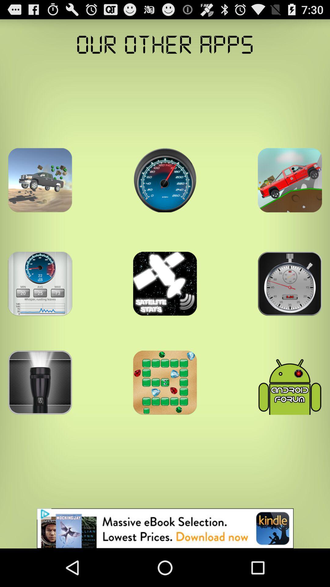 This screenshot has height=587, width=330. I want to click on select, so click(40, 283).